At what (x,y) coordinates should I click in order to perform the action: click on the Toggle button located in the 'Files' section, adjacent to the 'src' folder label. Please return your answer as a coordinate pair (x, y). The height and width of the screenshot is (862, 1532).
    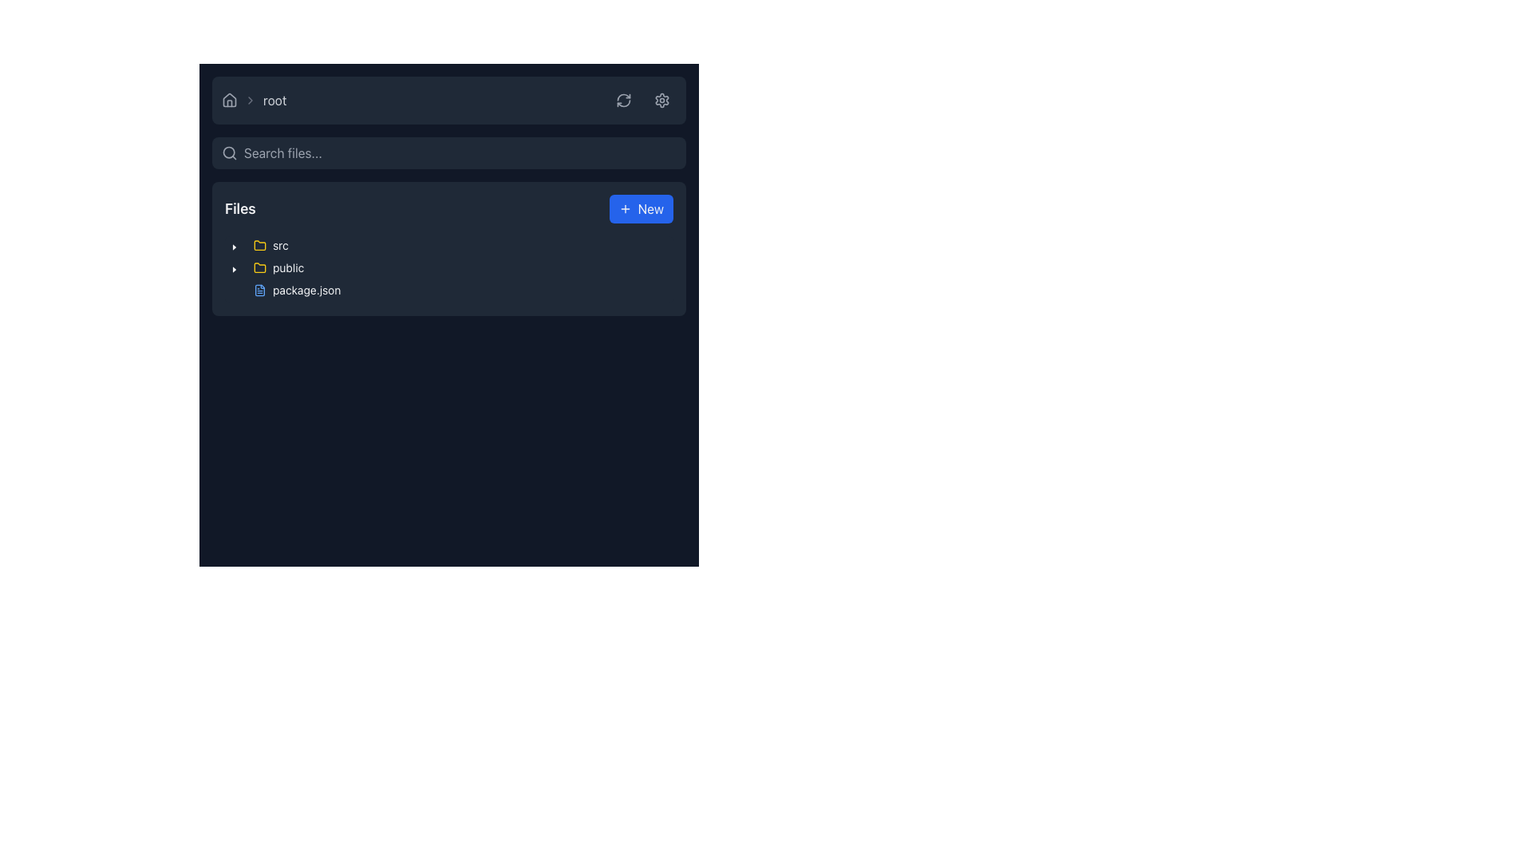
    Looking at the image, I should click on (233, 269).